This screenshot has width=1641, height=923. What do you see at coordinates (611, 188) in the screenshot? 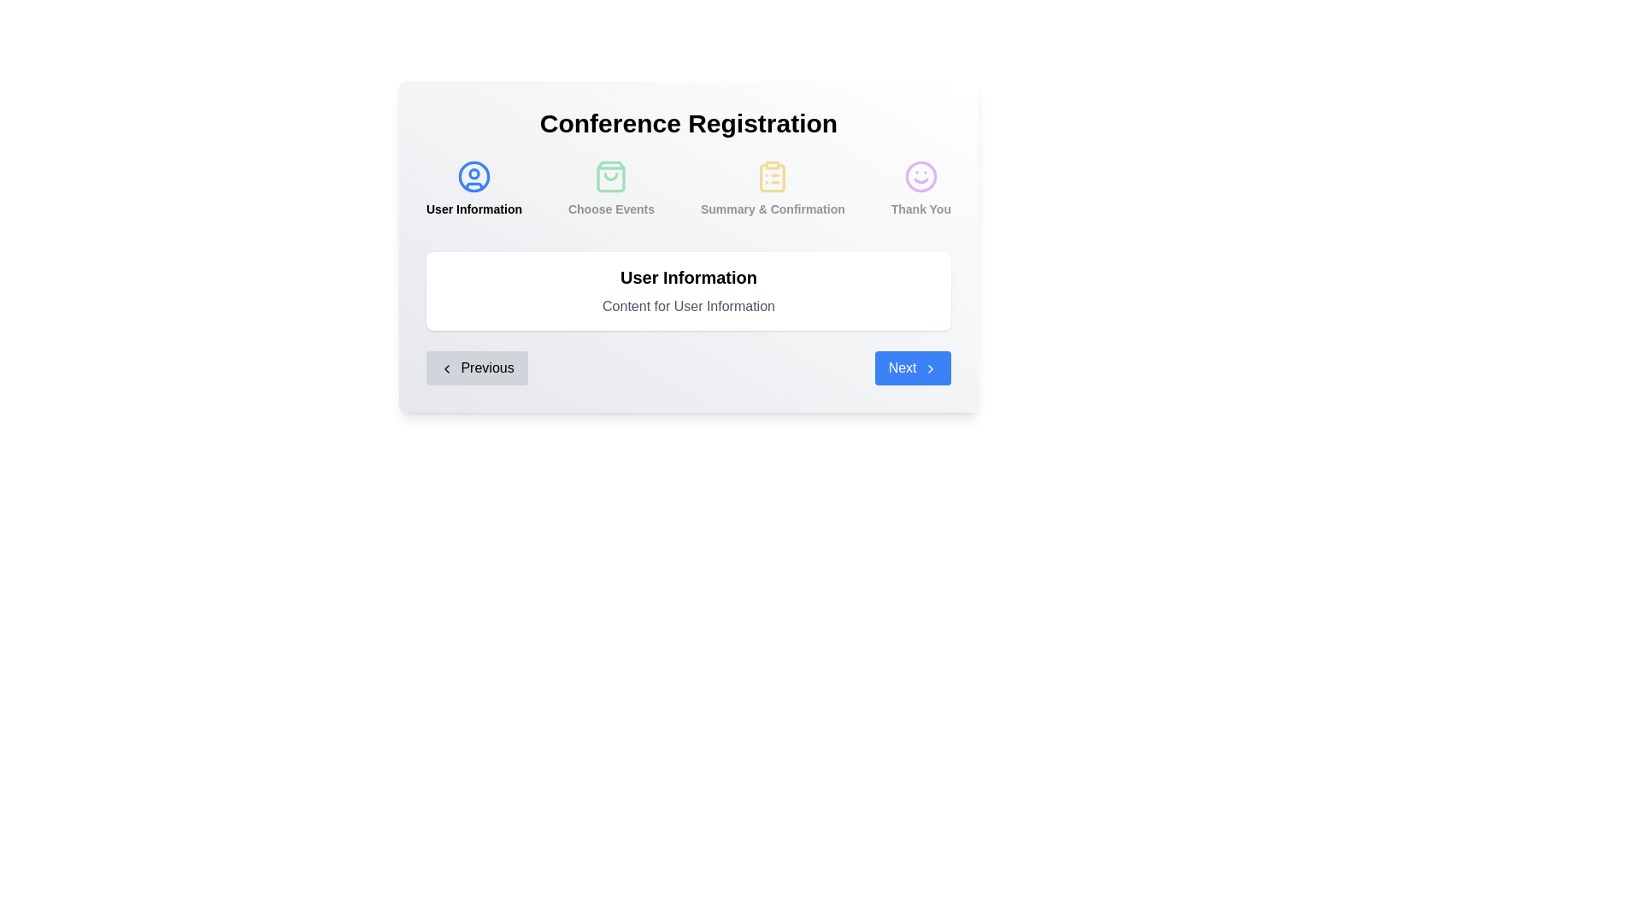
I see `the 'Choose Events' navigation step indicator` at bounding box center [611, 188].